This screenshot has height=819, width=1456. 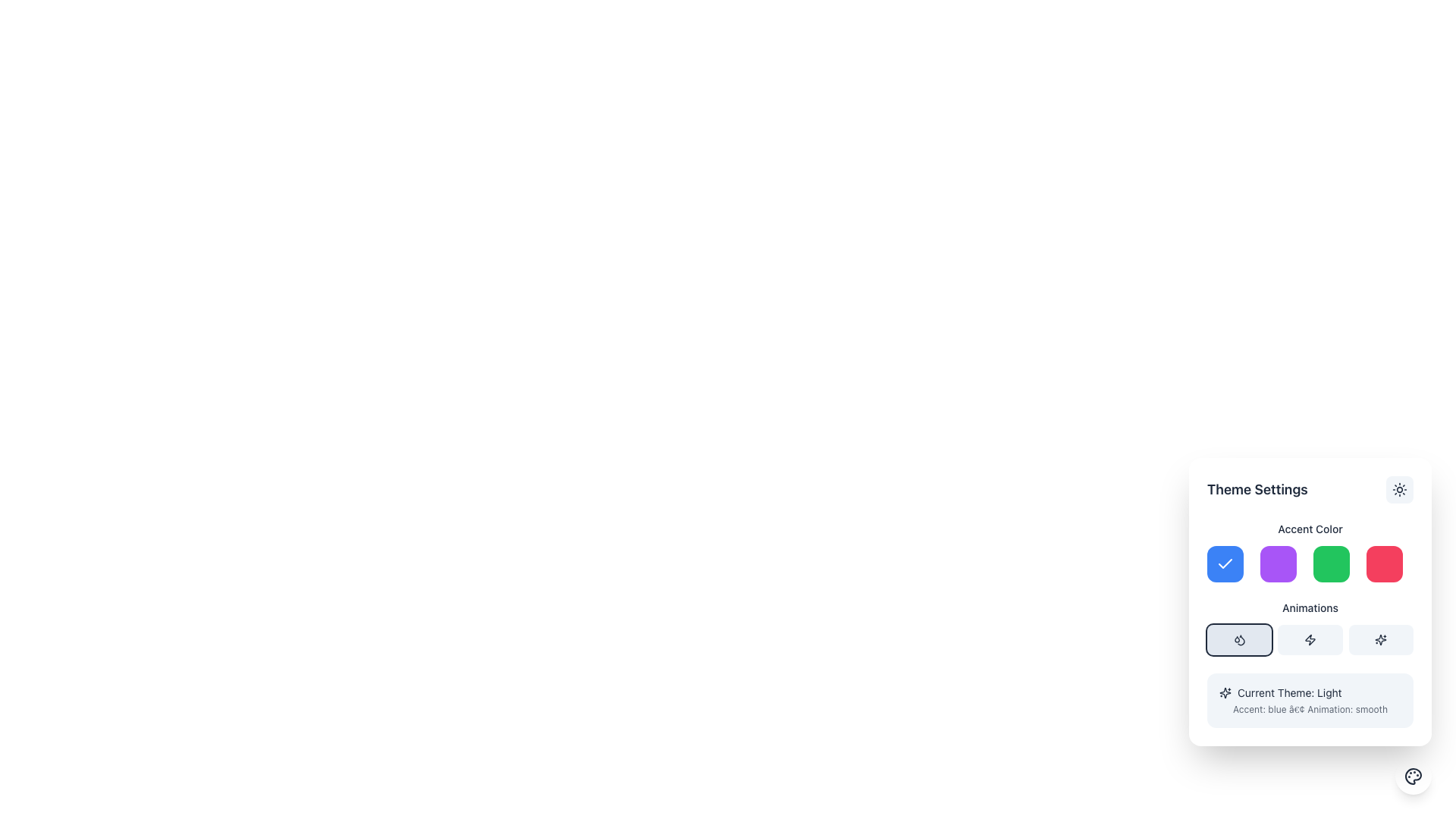 I want to click on the decorative SVG icon located in the 'Current Theme: Light' section at the bottom of the 'Theme Settings' card, so click(x=1225, y=693).